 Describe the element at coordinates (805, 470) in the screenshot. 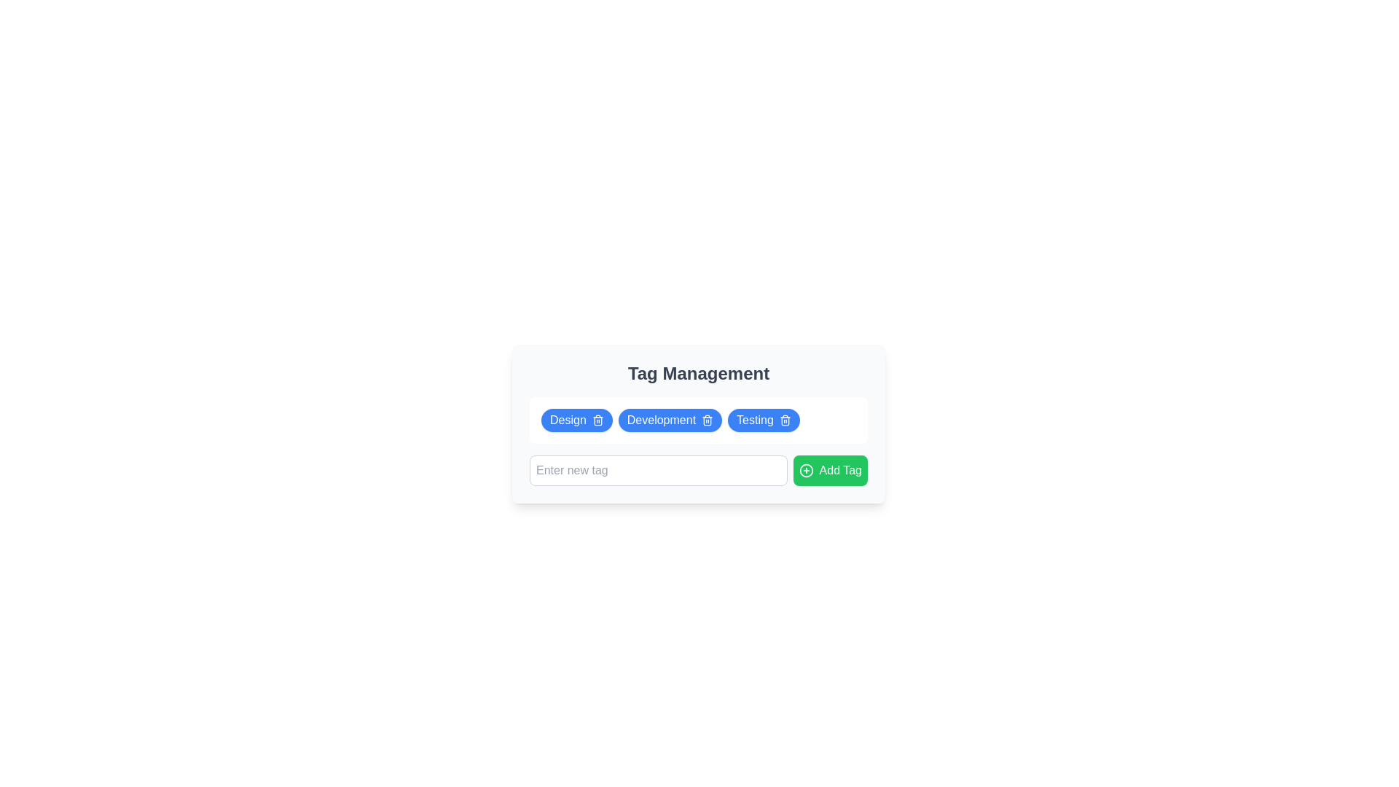

I see `the information visually by interacting with the circular icon element located centrally within the green 'Add Tag' button in the Tag Management interface` at that location.